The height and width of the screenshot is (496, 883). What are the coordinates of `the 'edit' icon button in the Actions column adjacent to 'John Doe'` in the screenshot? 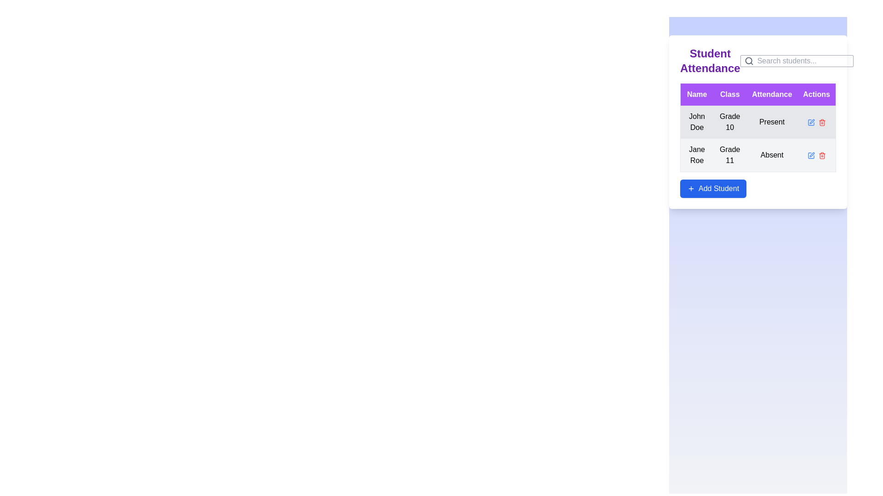 It's located at (811, 122).